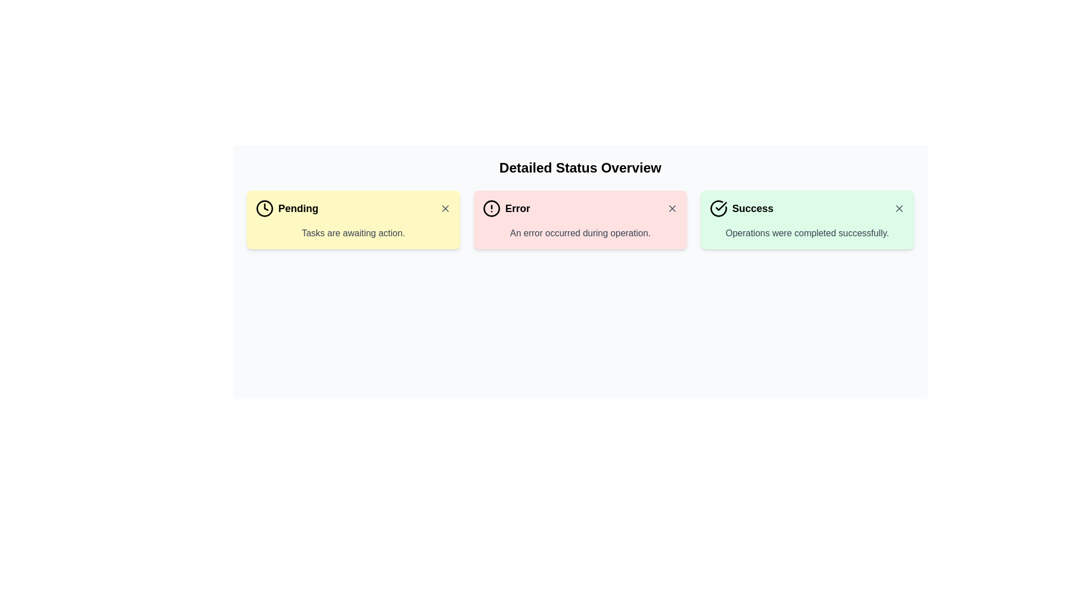  Describe the element at coordinates (352, 209) in the screenshot. I see `the Status Indicator titled 'Pending', which is located at the top of the leftmost card among three colored cards indicating status, with the description 'Tasks are awaiting action.'` at that location.